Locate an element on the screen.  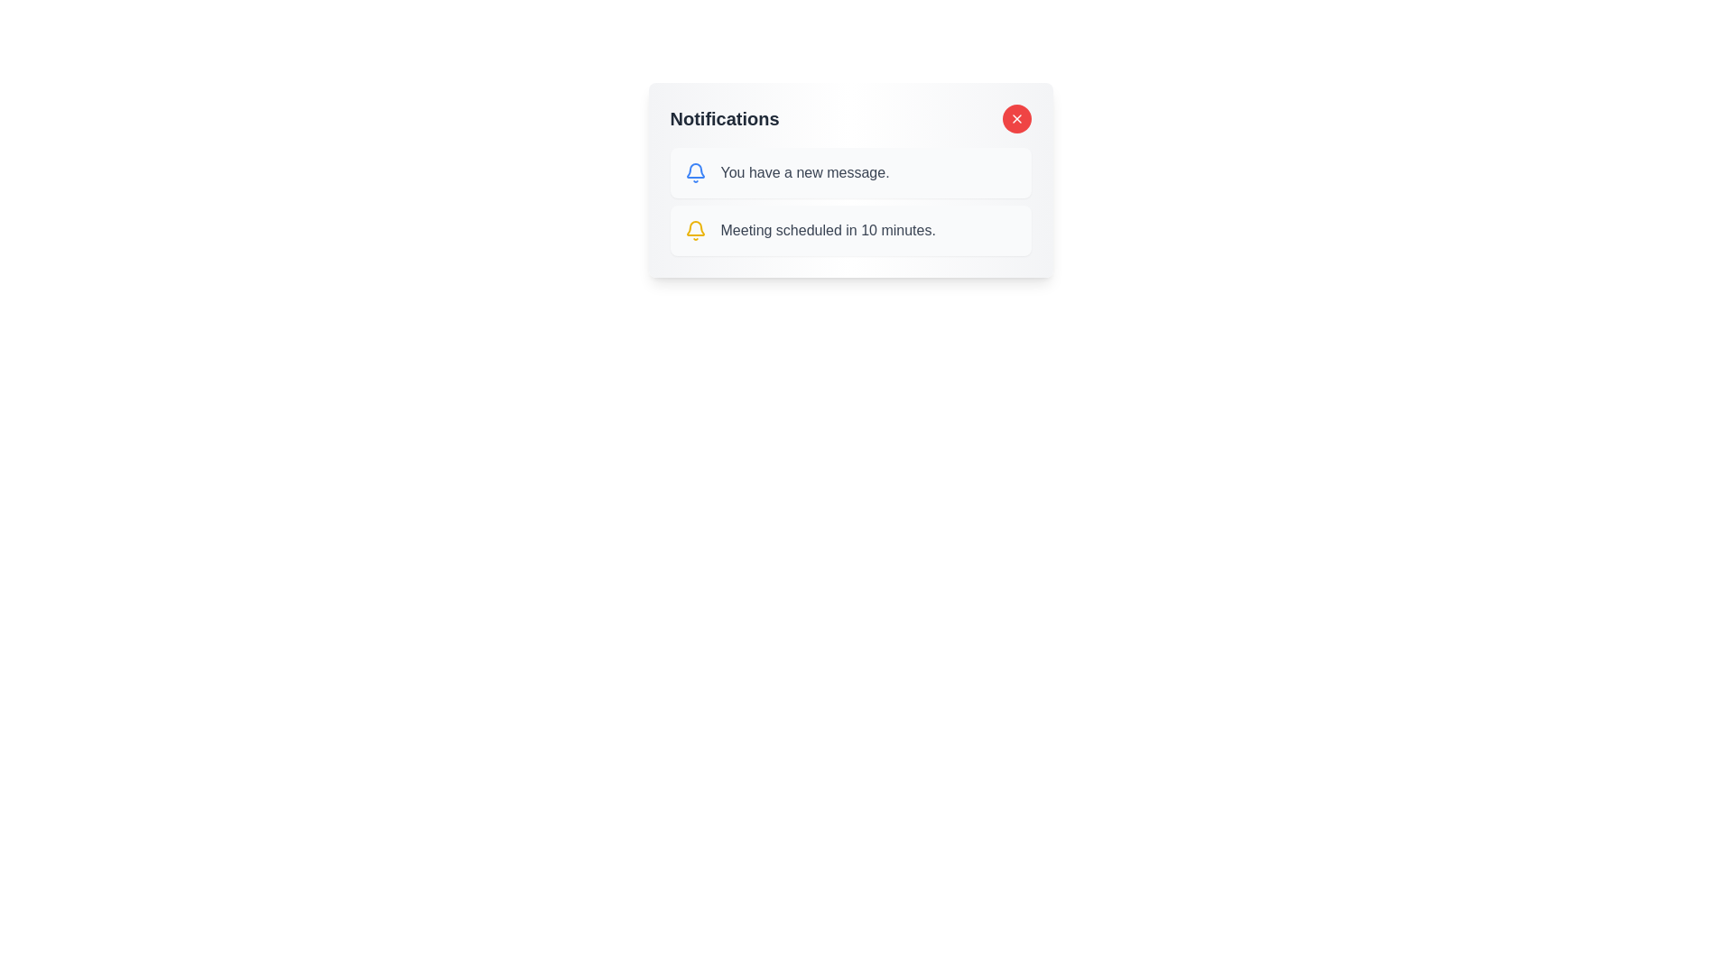
the circular red button with a white cross icon located in the top-right corner of the notifications header is located at coordinates (1016, 118).